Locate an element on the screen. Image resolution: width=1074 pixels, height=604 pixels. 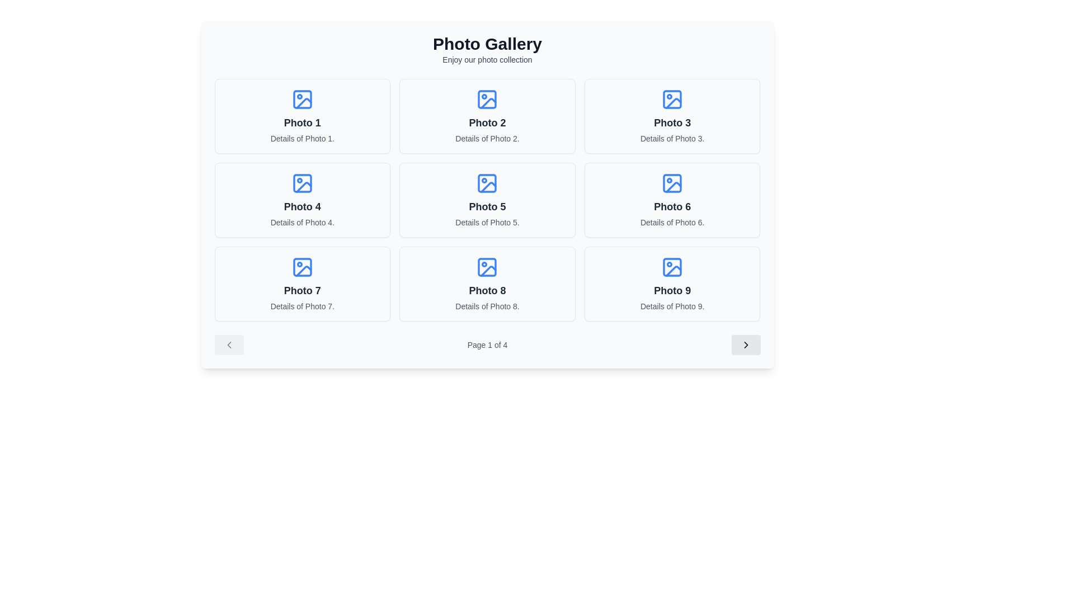
the static text that reads 'Enjoy our photo collection', which is styled in a smaller gray font and positioned beneath the 'Photo Gallery' heading is located at coordinates (487, 60).